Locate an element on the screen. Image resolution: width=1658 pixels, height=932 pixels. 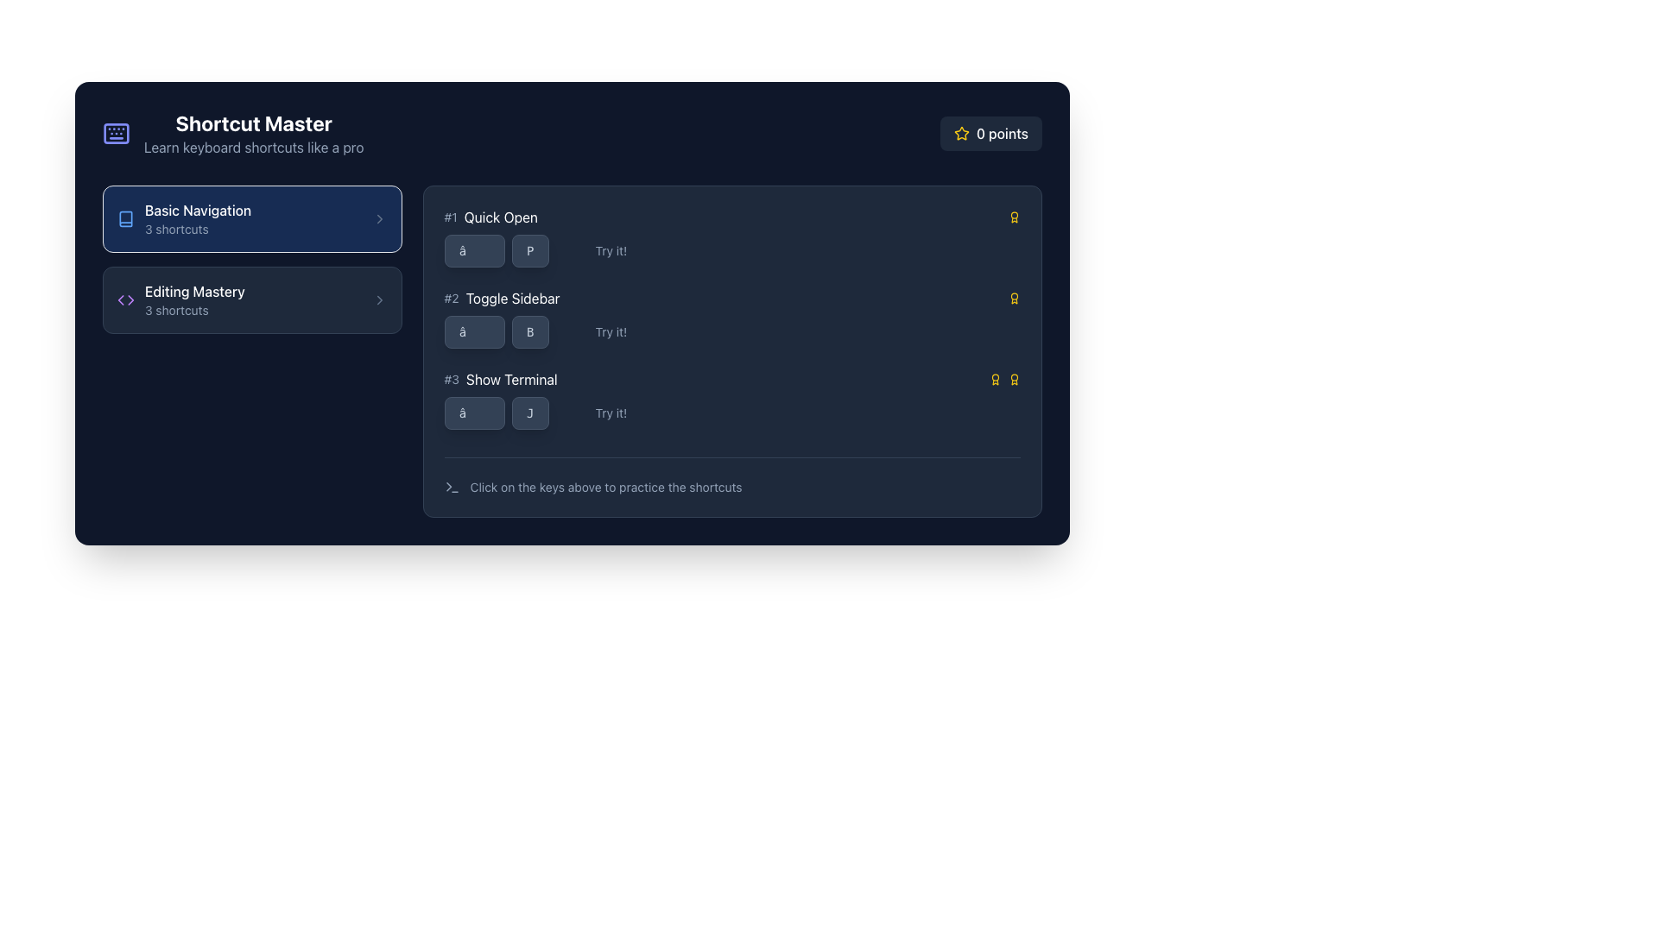
information presented in the 'Basic Navigation' text element, which displays 'Basic Navigation' in white and '3 shortcuts' in light gray, located in the top half of a blue bordered card is located at coordinates (198, 218).